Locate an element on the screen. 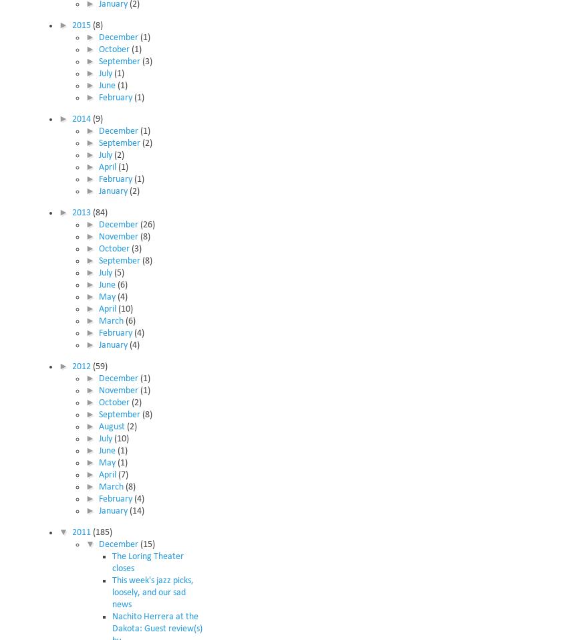 This screenshot has height=640, width=580. '(14)' is located at coordinates (136, 510).